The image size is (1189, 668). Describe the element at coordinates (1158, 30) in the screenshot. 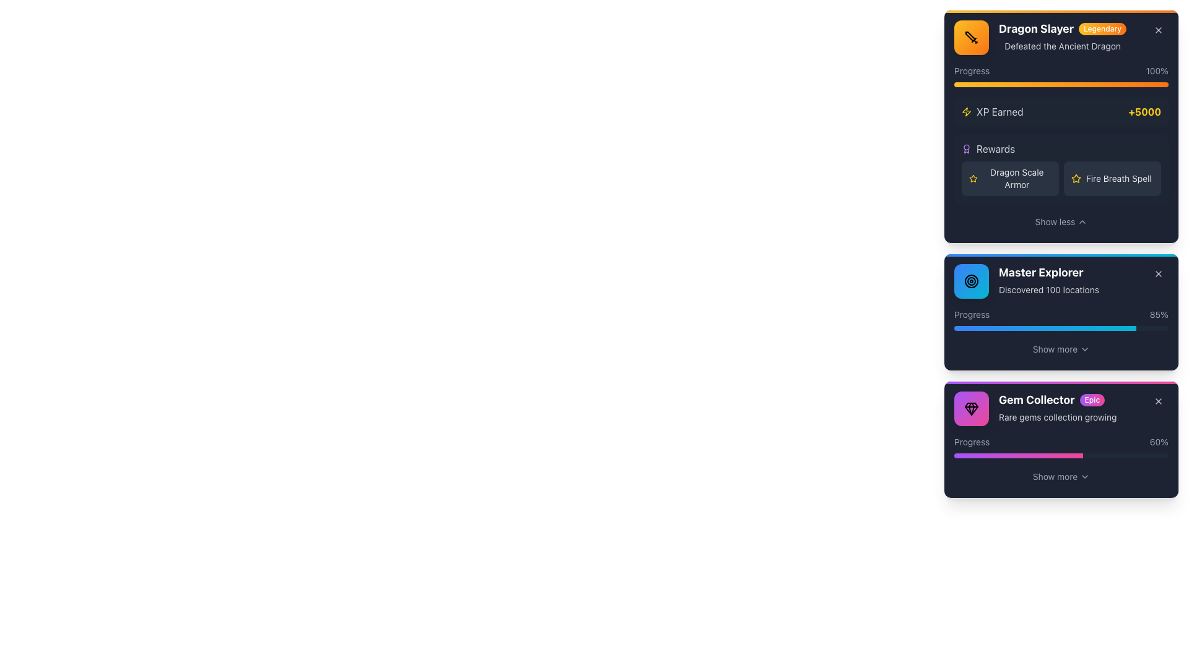

I see `the 'X' icon button in the top-right corner of the 'Dragon Slayer' card` at that location.